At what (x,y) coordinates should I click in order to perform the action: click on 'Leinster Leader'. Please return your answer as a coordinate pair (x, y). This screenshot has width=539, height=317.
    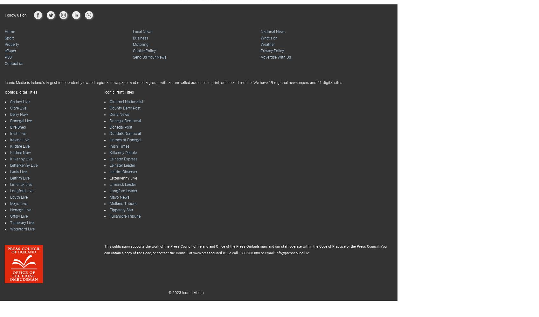
    Looking at the image, I should click on (121, 166).